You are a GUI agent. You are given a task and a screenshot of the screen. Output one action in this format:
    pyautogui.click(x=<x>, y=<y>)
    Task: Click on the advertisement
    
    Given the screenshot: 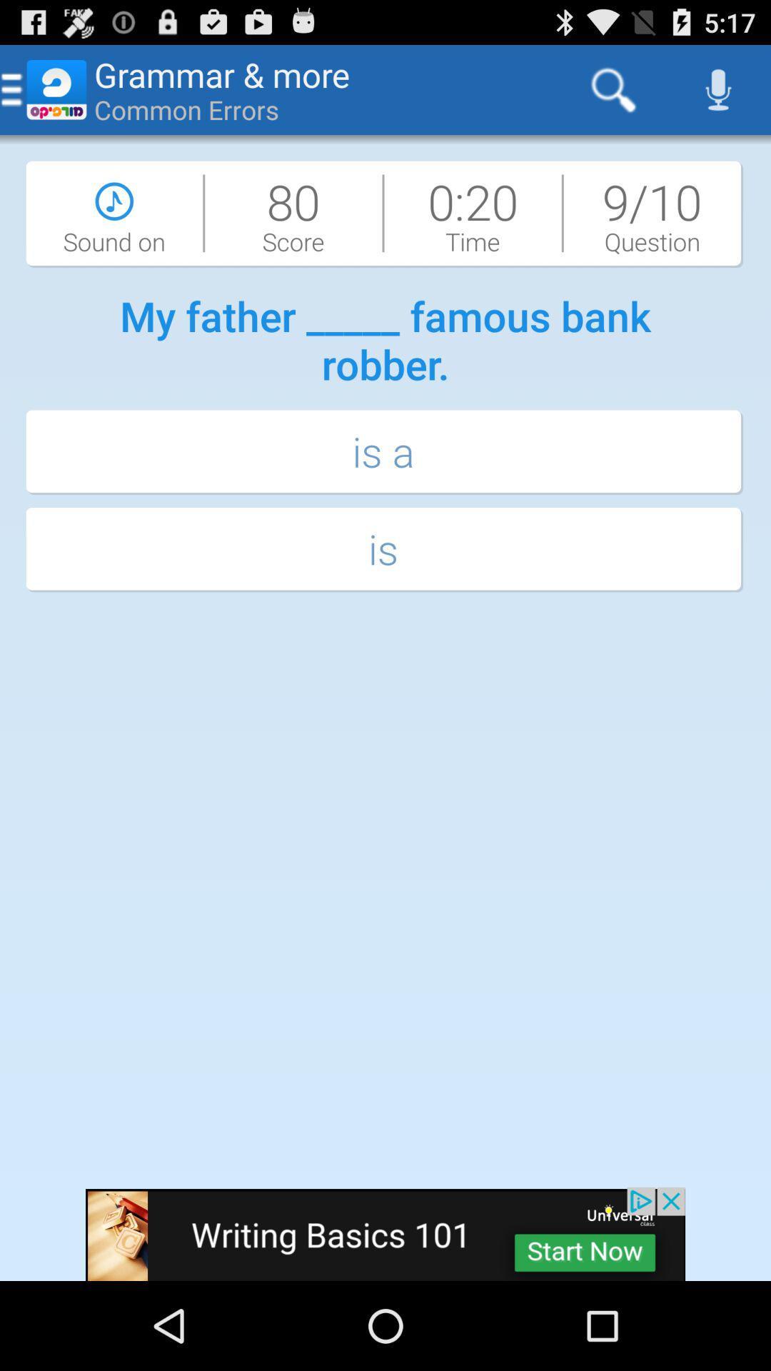 What is the action you would take?
    pyautogui.click(x=385, y=1233)
    